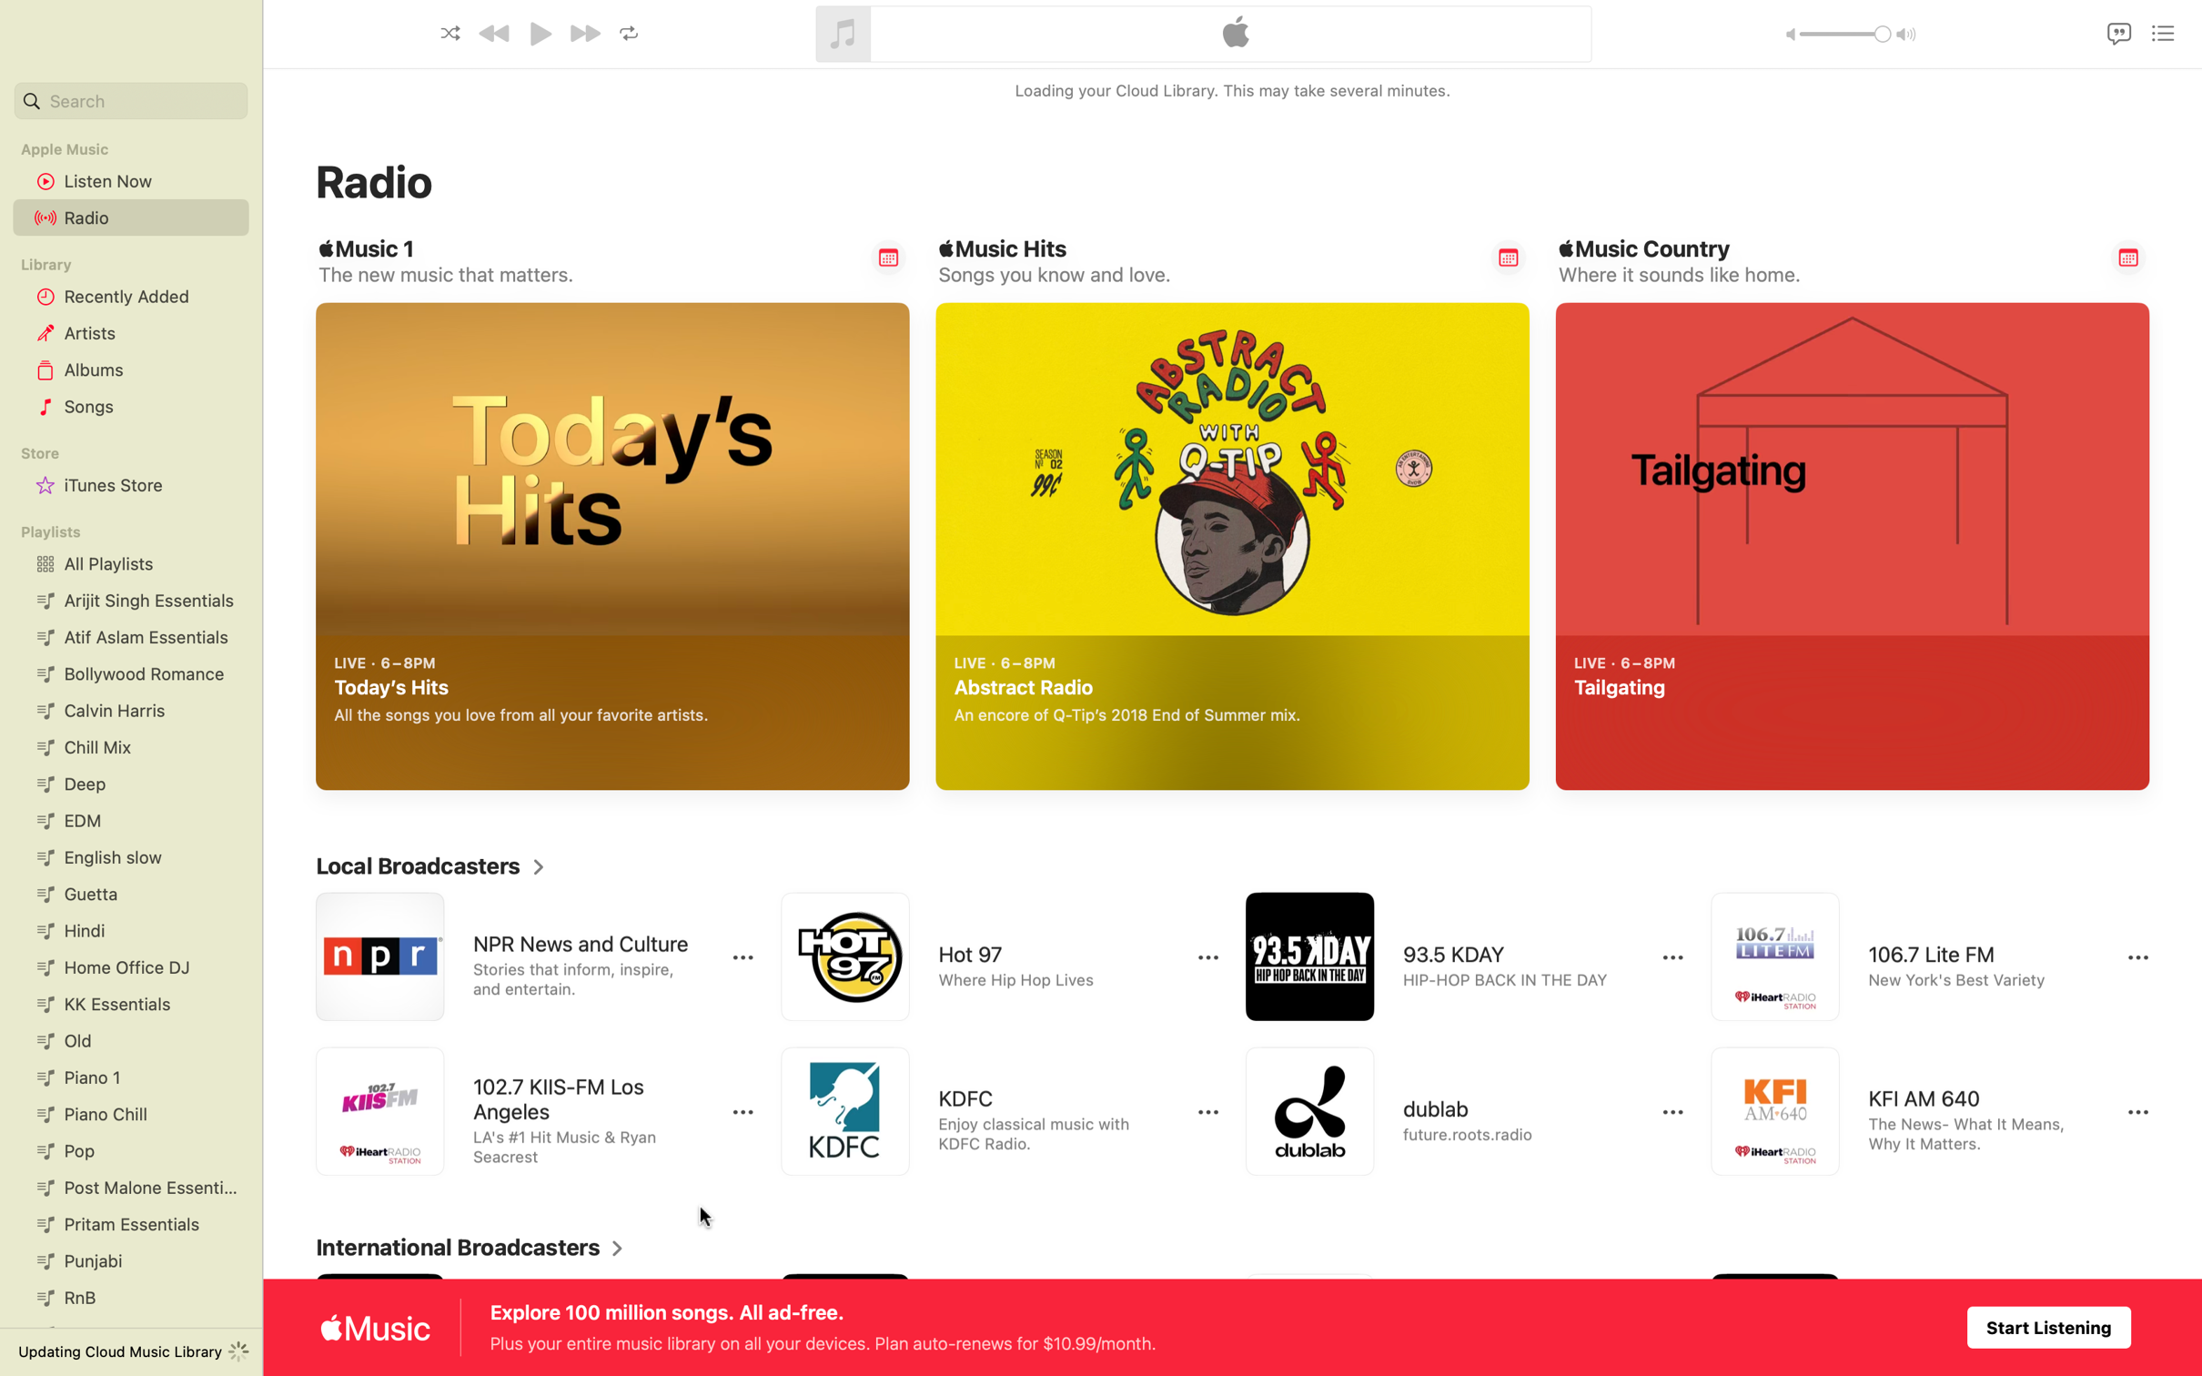 This screenshot has height=1376, width=2202. Describe the element at coordinates (429, 865) in the screenshot. I see `Enlarge local broadcasters display area` at that location.